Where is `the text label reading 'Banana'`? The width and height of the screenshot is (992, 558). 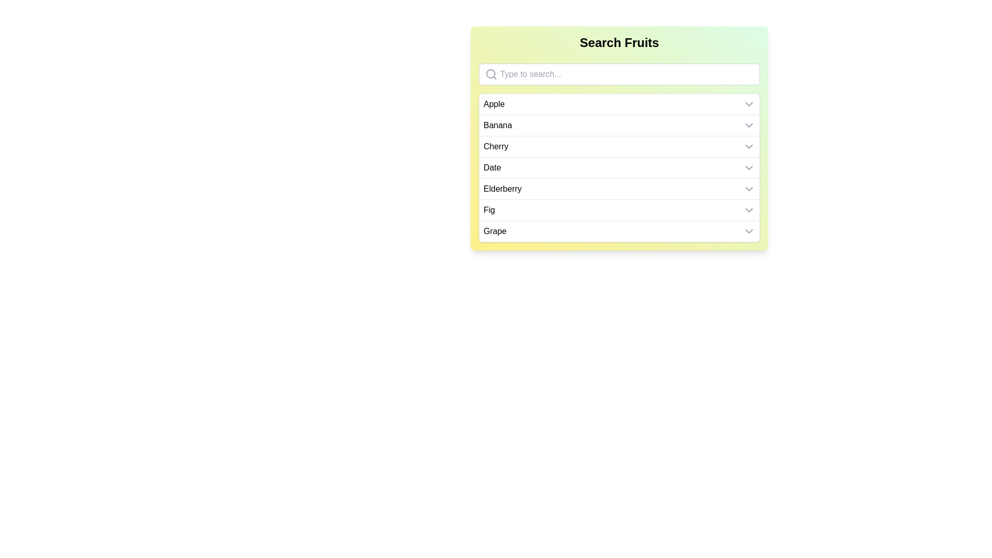 the text label reading 'Banana' is located at coordinates (498, 125).